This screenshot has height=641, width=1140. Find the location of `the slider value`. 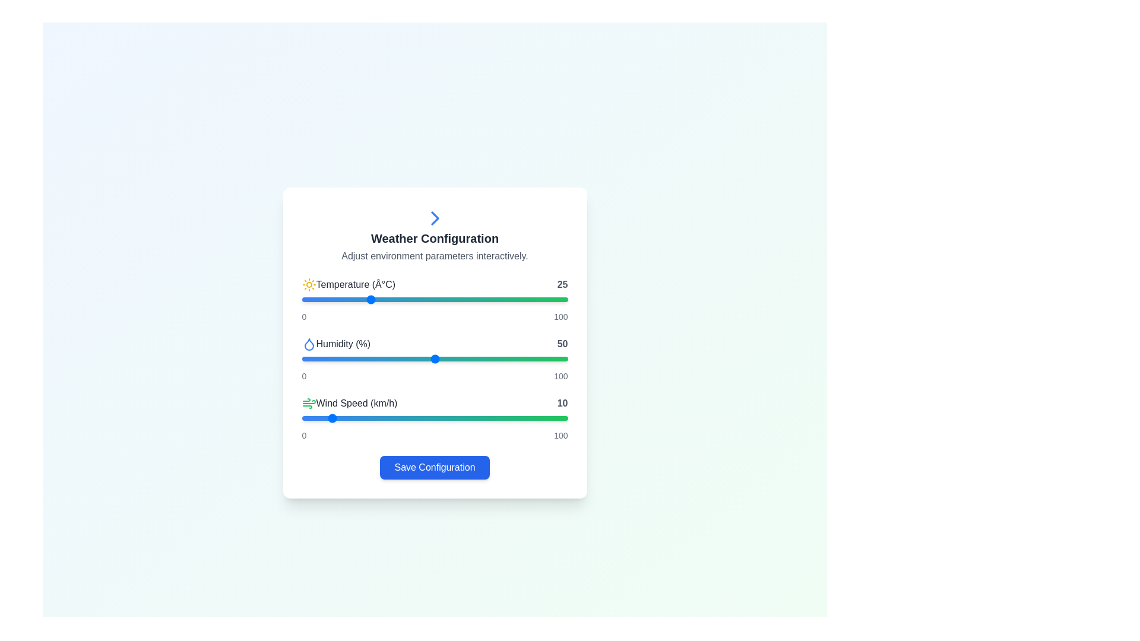

the slider value is located at coordinates (392, 358).